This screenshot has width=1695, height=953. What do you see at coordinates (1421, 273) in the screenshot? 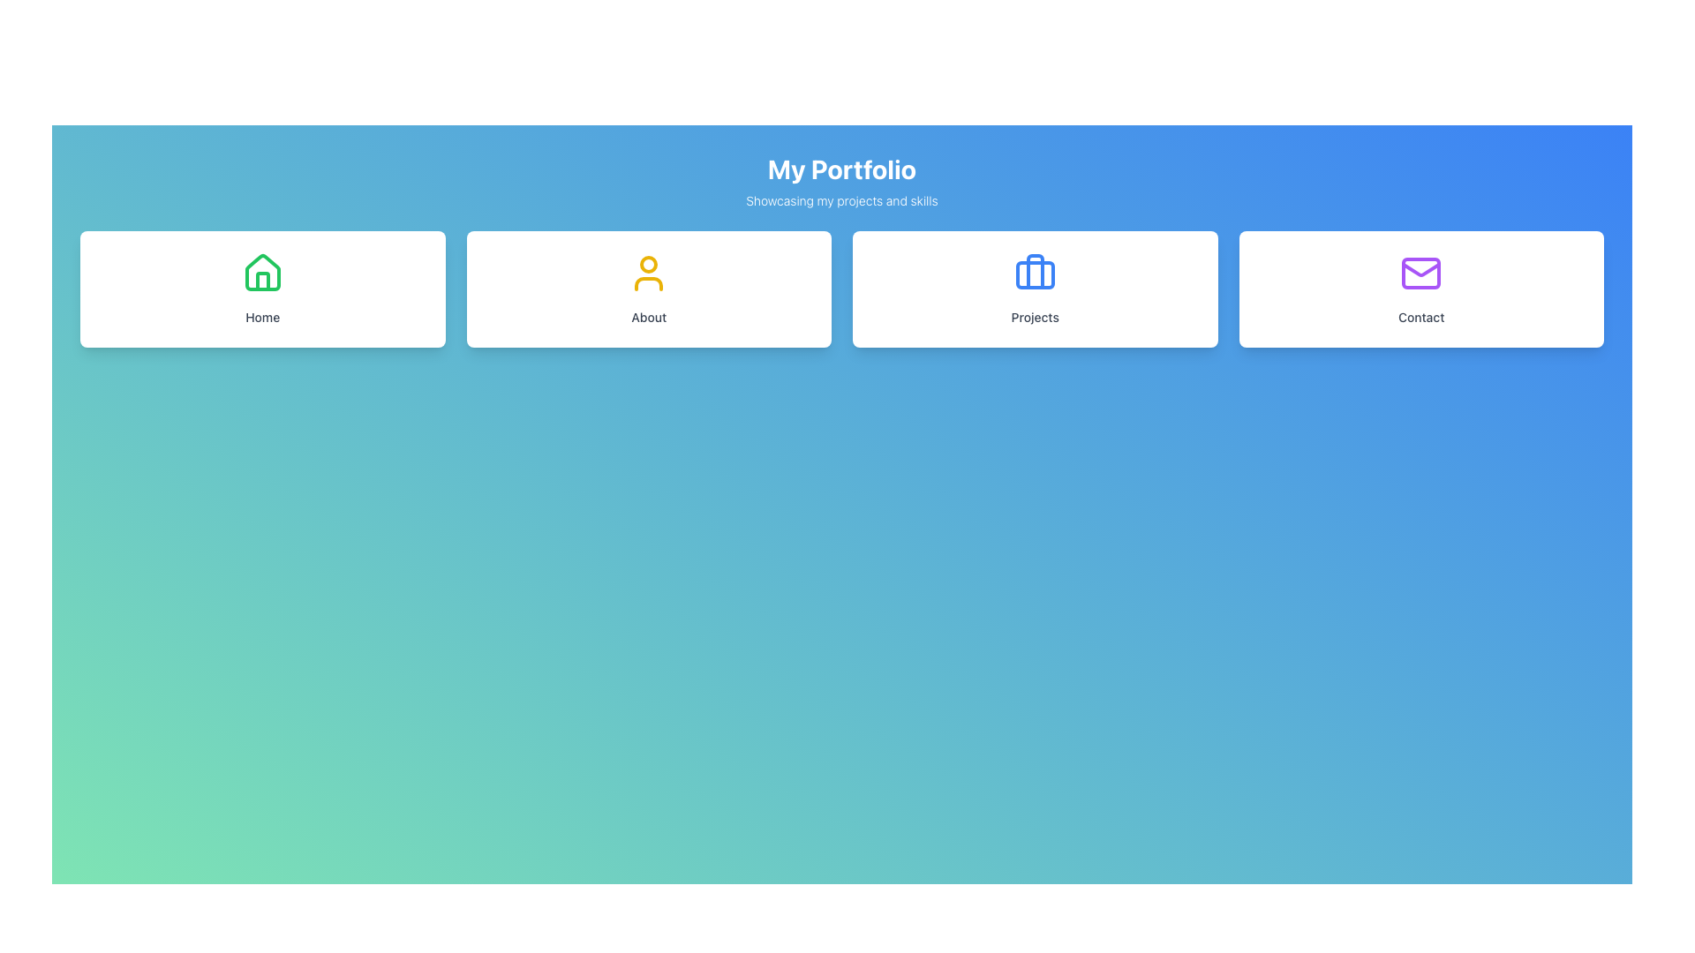
I see `the visual representation of the envelope icon, which is centrally positioned within the envelope icon on the fourth card at the far right of the row` at bounding box center [1421, 273].